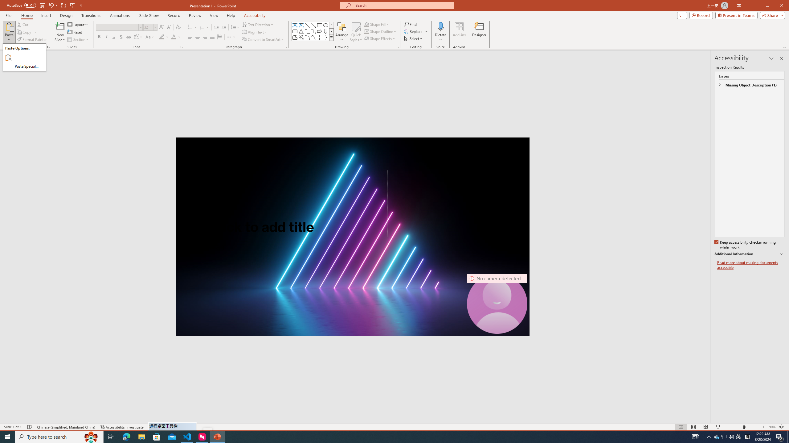 This screenshot has height=443, width=789. Describe the element at coordinates (353, 236) in the screenshot. I see `'Neon laser lights aligned to form a triangle'` at that location.